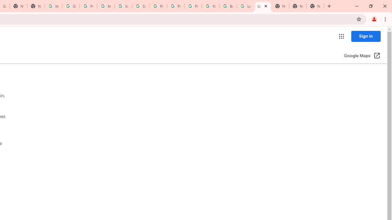 The width and height of the screenshot is (392, 220). I want to click on 'New Tab', so click(315, 6).